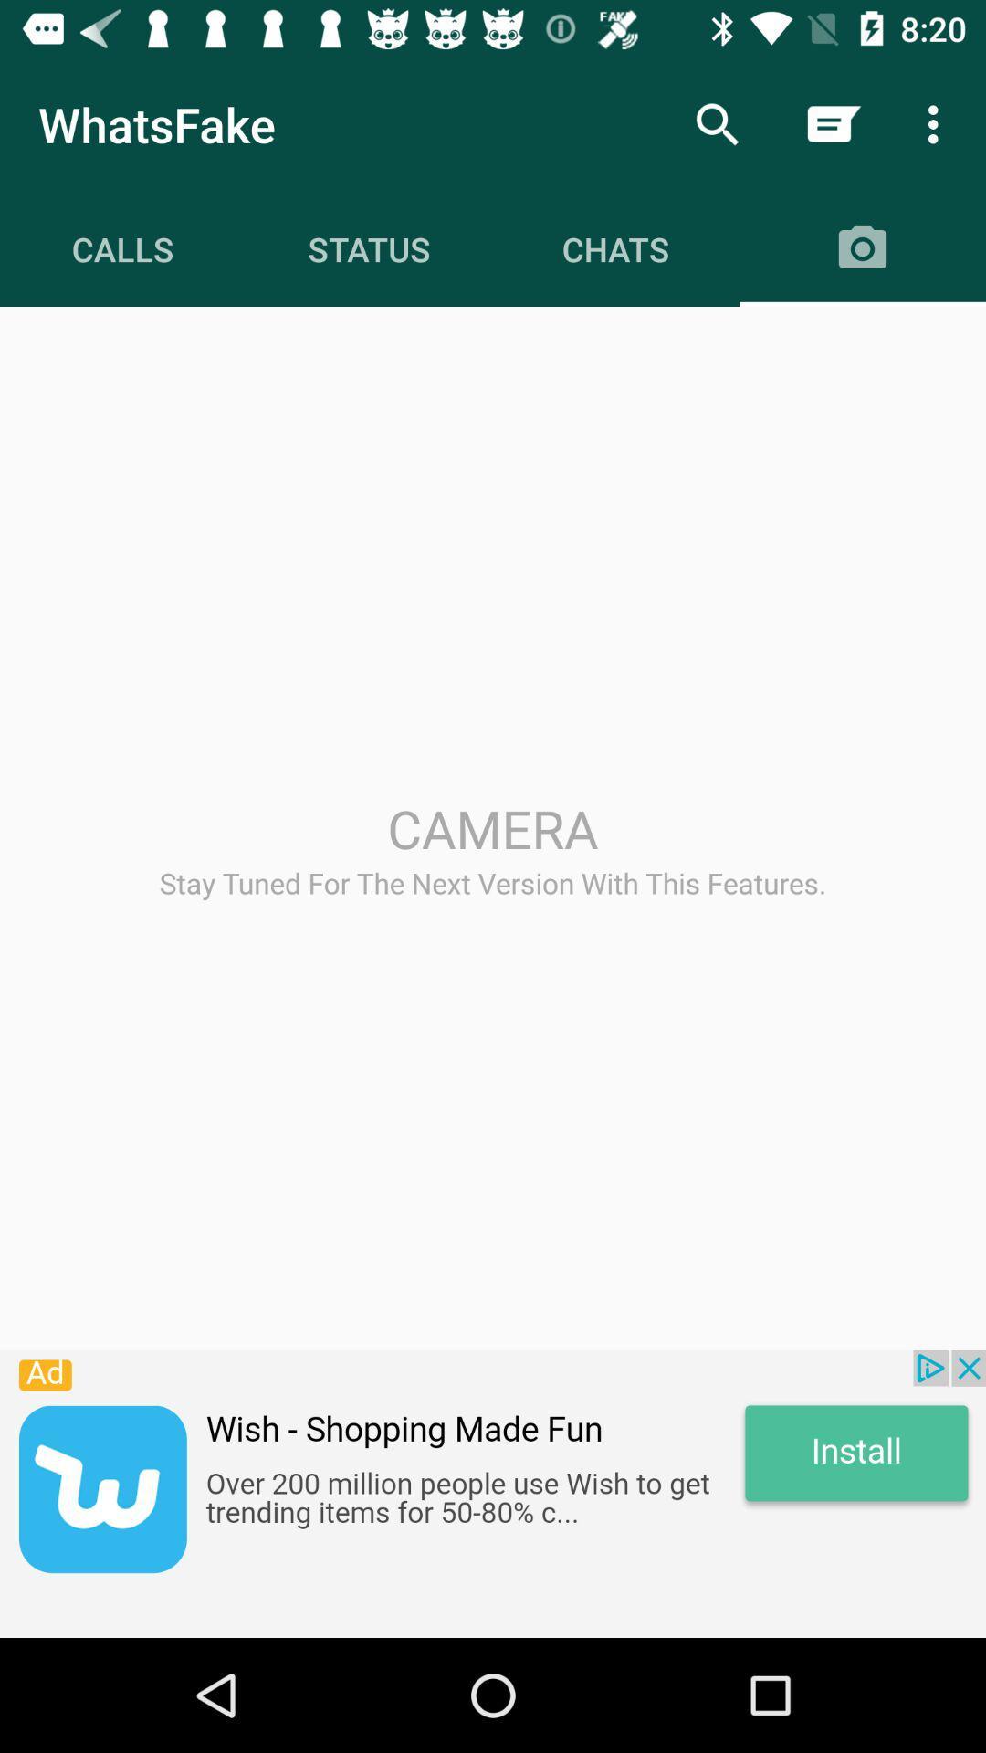 This screenshot has width=986, height=1753. What do you see at coordinates (493, 1494) in the screenshot?
I see `advertisement` at bounding box center [493, 1494].